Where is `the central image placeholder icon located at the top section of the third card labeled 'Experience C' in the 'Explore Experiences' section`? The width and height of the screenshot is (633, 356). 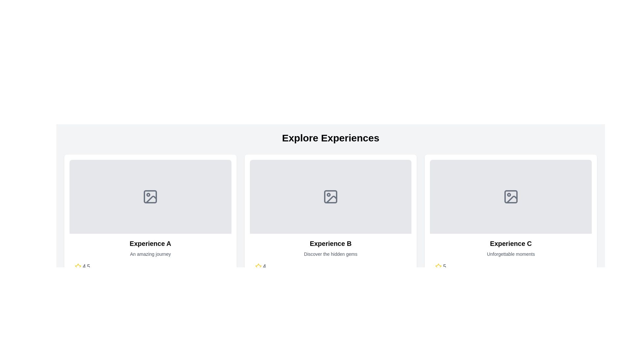
the central image placeholder icon located at the top section of the third card labeled 'Experience C' in the 'Explore Experiences' section is located at coordinates (510, 196).